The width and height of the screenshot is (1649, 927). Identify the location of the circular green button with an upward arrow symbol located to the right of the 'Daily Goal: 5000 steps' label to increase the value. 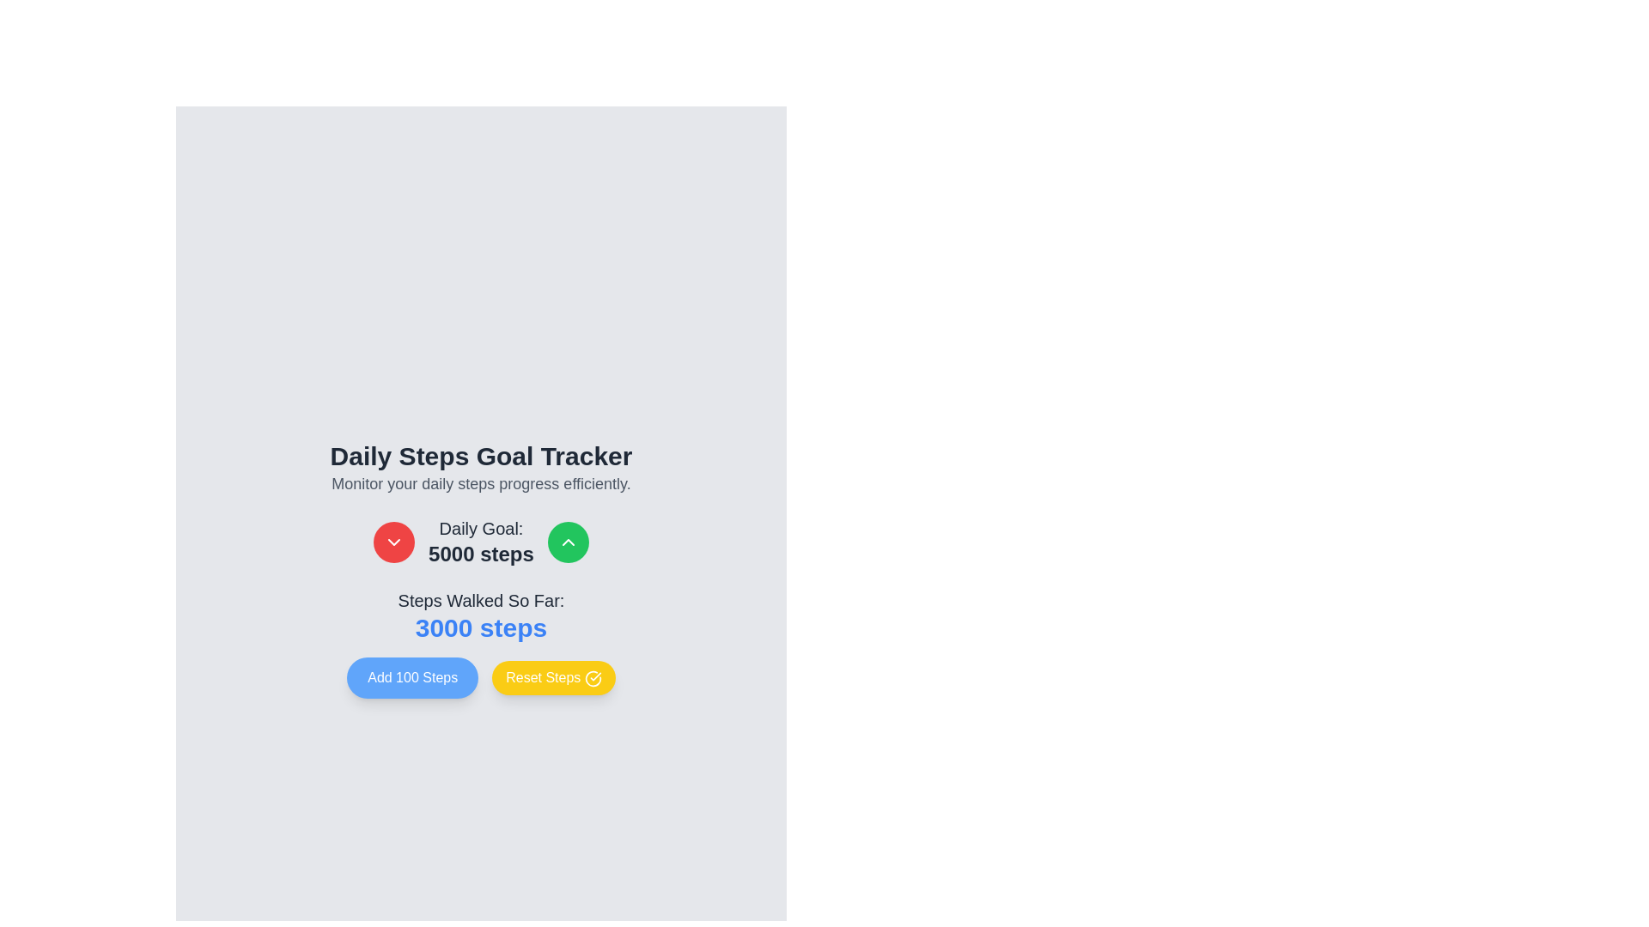
(568, 542).